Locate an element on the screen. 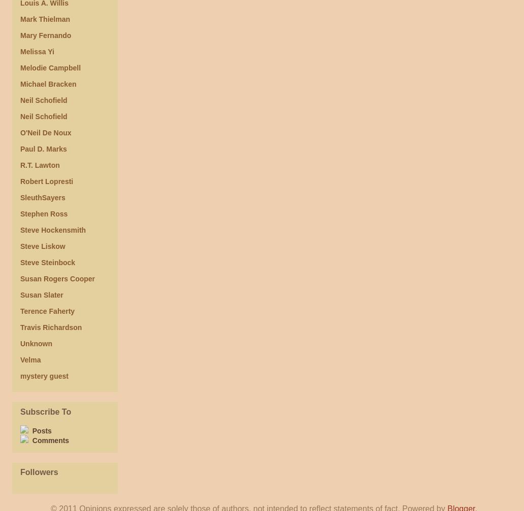  'Melissa Yi' is located at coordinates (37, 52).